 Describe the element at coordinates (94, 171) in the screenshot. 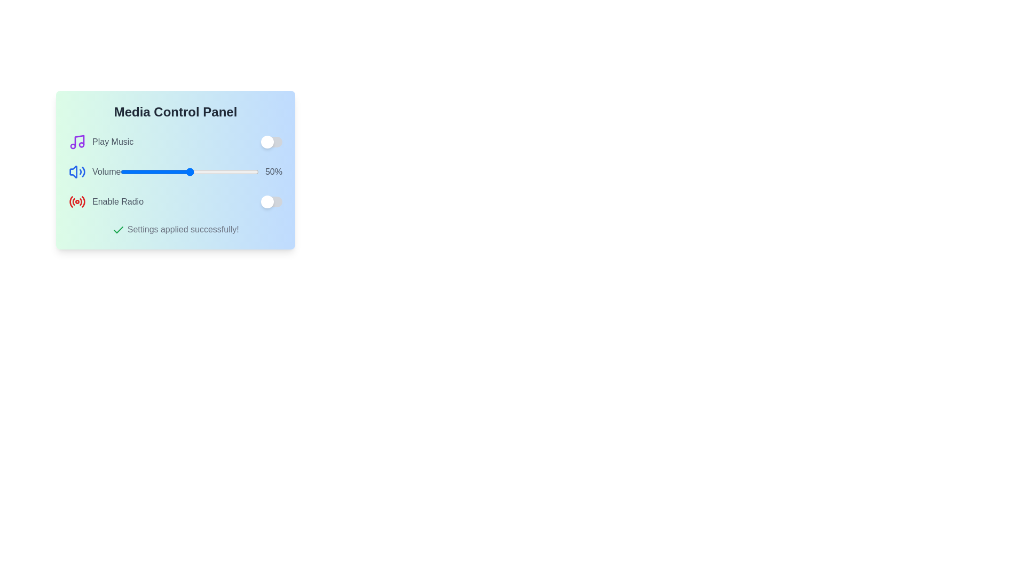

I see `the 'Volume' label, which is styled in gray and located adjacent to the volume icon, within the volume control UI` at that location.